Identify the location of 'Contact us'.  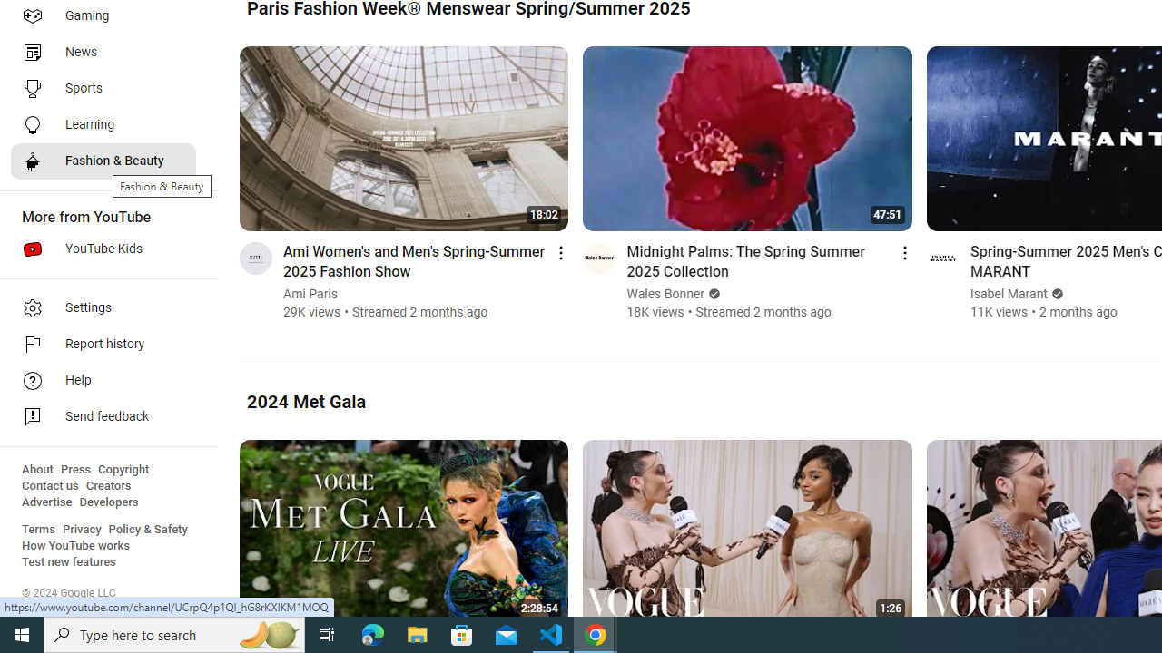
(50, 485).